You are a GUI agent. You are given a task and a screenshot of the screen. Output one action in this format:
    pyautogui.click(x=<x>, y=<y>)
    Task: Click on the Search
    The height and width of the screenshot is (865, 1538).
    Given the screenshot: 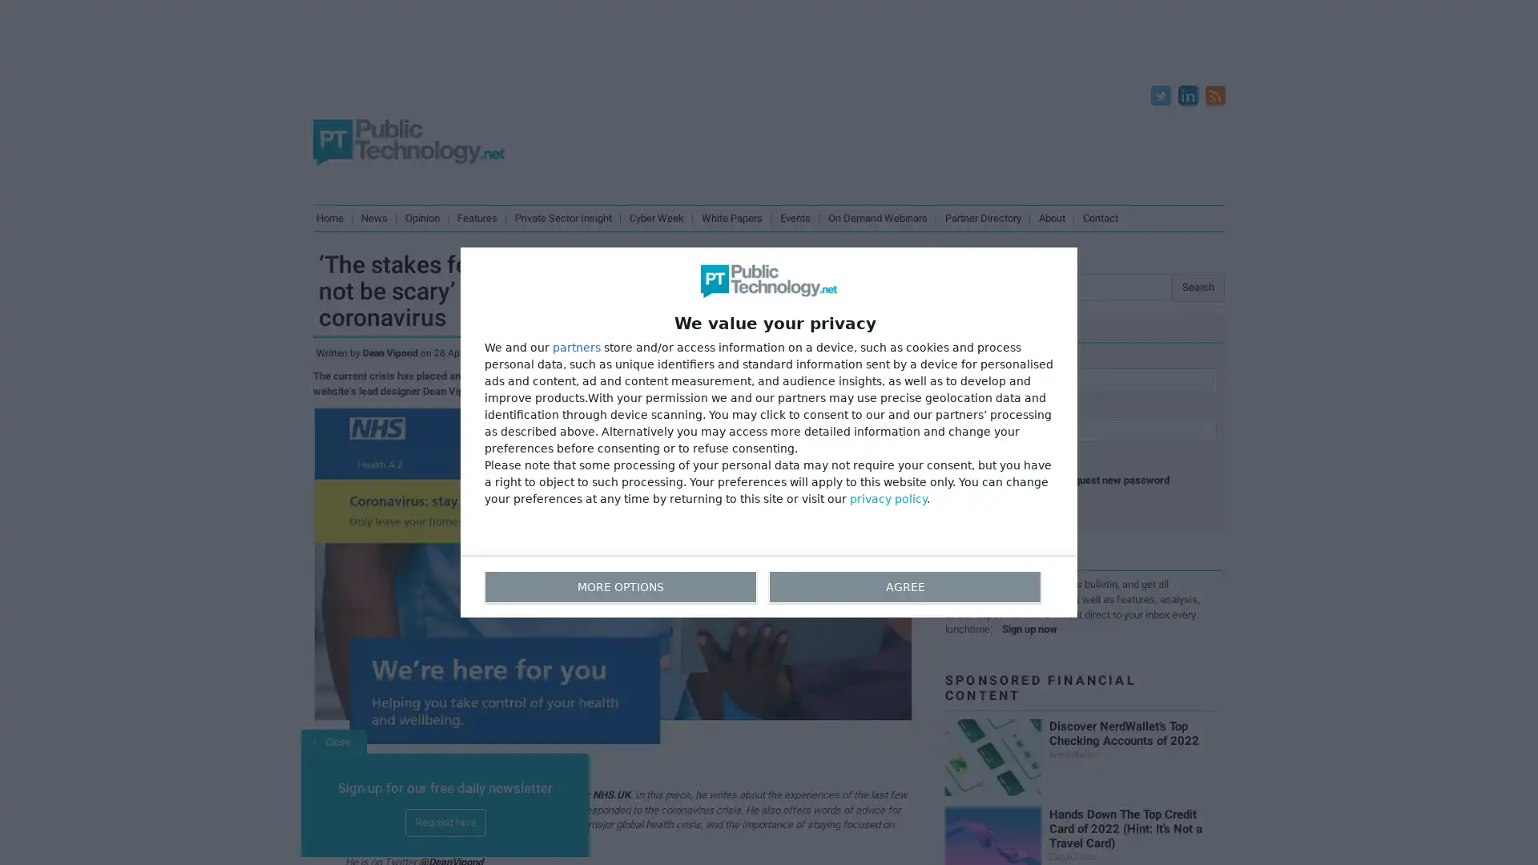 What is the action you would take?
    pyautogui.click(x=1249, y=280)
    